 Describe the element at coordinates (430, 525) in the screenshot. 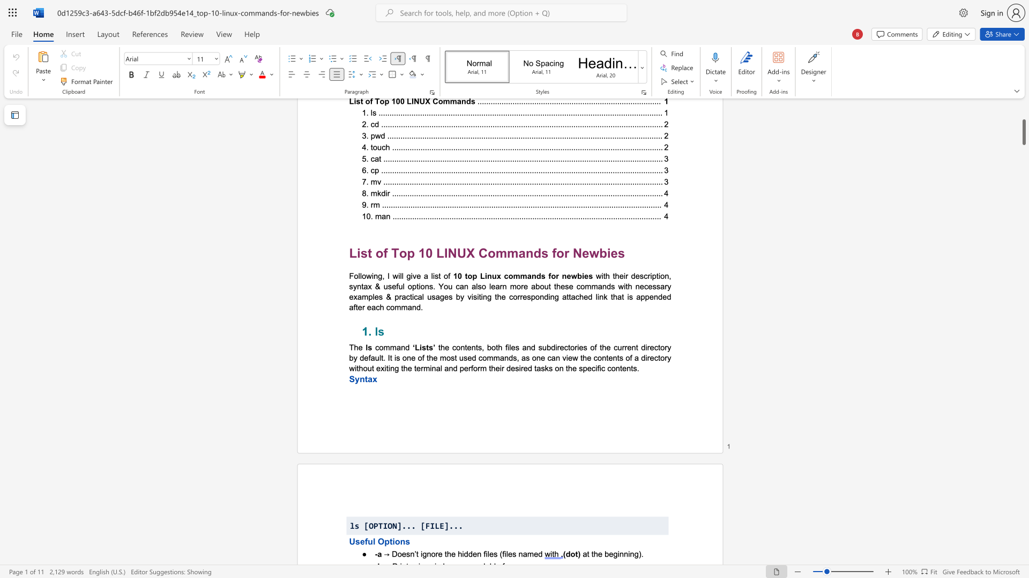

I see `the subset text "ILE" within the text "ls [OPTION]... [FILE]..."` at that location.